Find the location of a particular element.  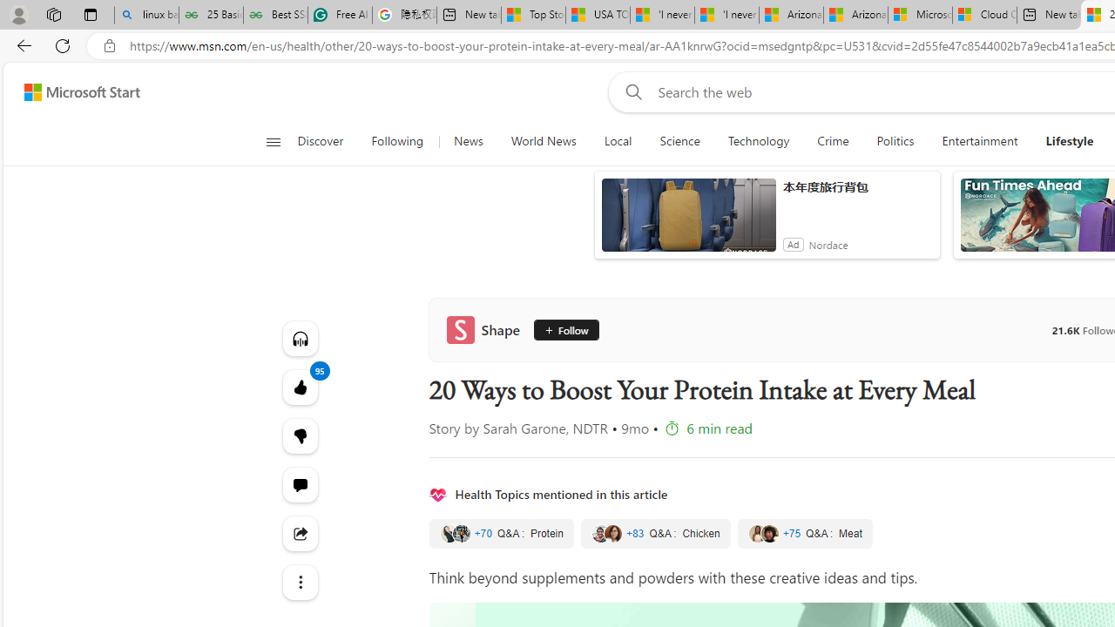

'Free AI Writing Assistance for Students | Grammarly' is located at coordinates (341, 15).